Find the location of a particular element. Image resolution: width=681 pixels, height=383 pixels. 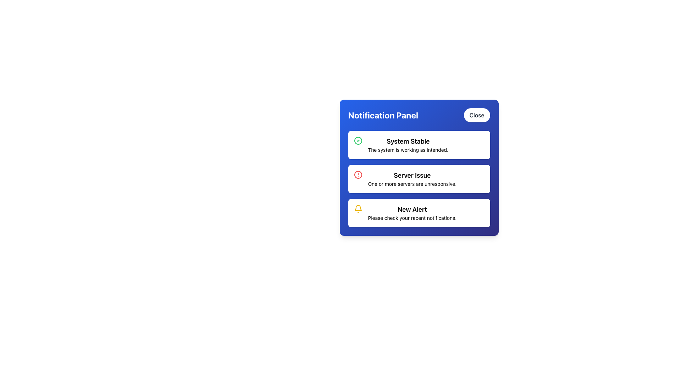

the 'Server Issue' notification banner with alert description is located at coordinates (419, 179).